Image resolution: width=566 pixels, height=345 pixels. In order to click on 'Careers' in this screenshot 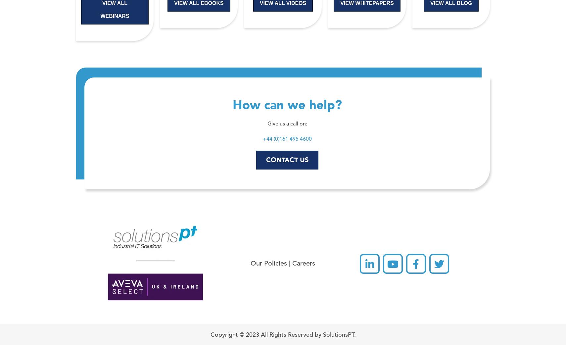, I will do `click(292, 264)`.